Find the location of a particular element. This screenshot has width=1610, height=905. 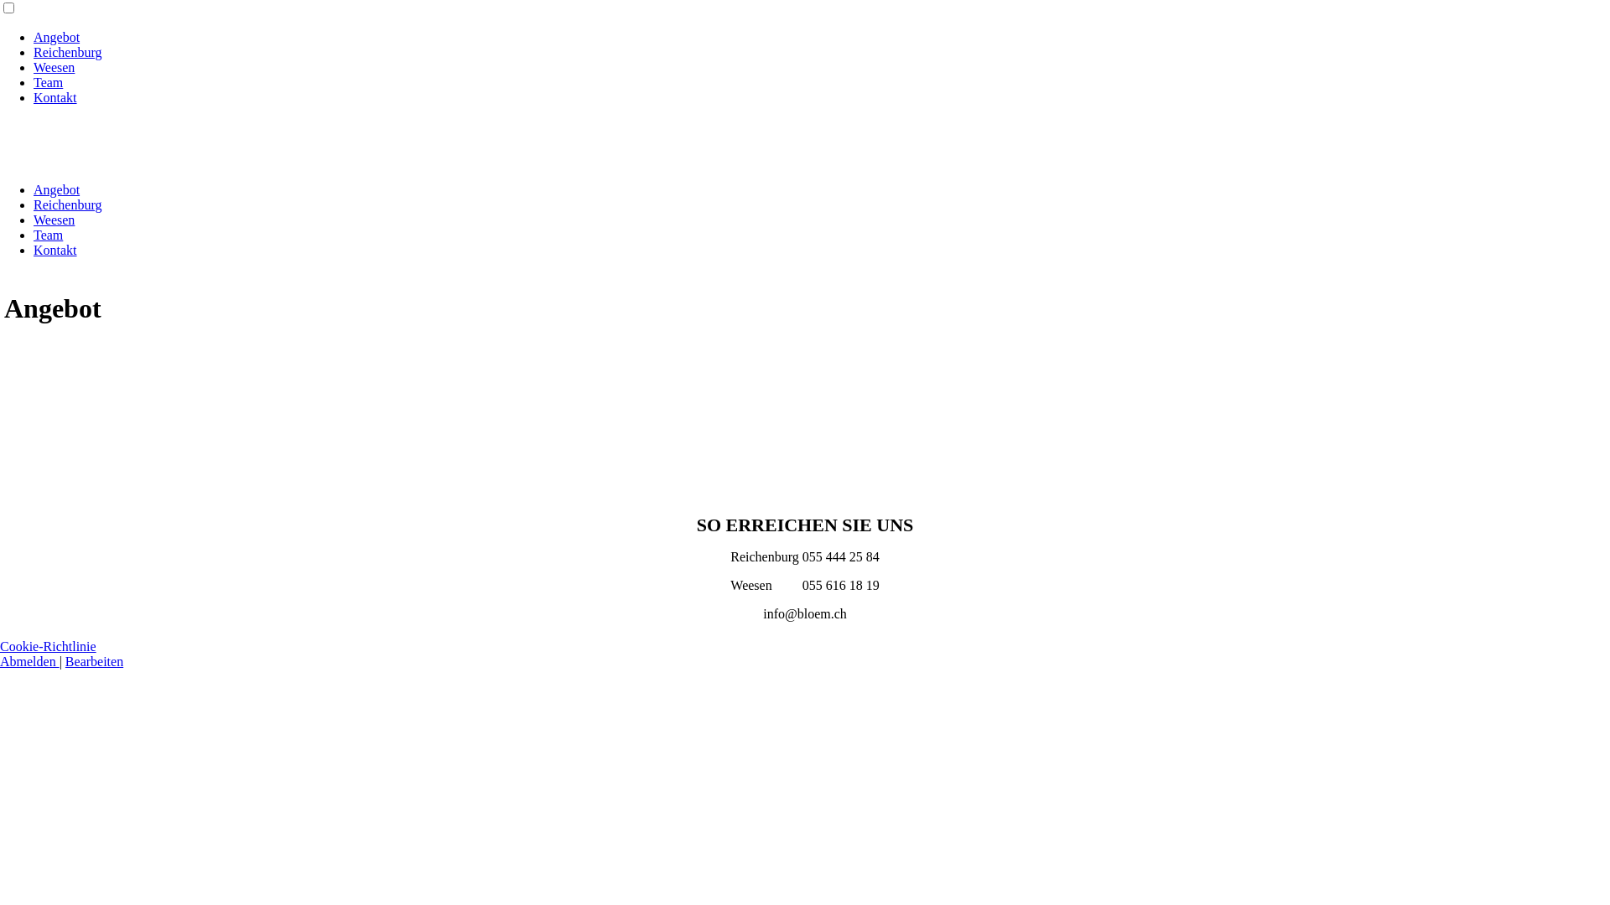

'Team' is located at coordinates (48, 82).